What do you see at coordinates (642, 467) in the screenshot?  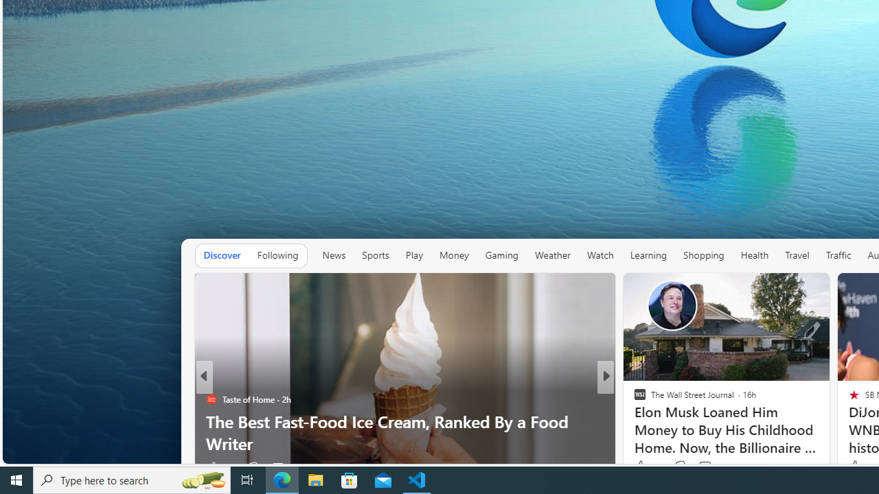 I see `'347 Like'` at bounding box center [642, 467].